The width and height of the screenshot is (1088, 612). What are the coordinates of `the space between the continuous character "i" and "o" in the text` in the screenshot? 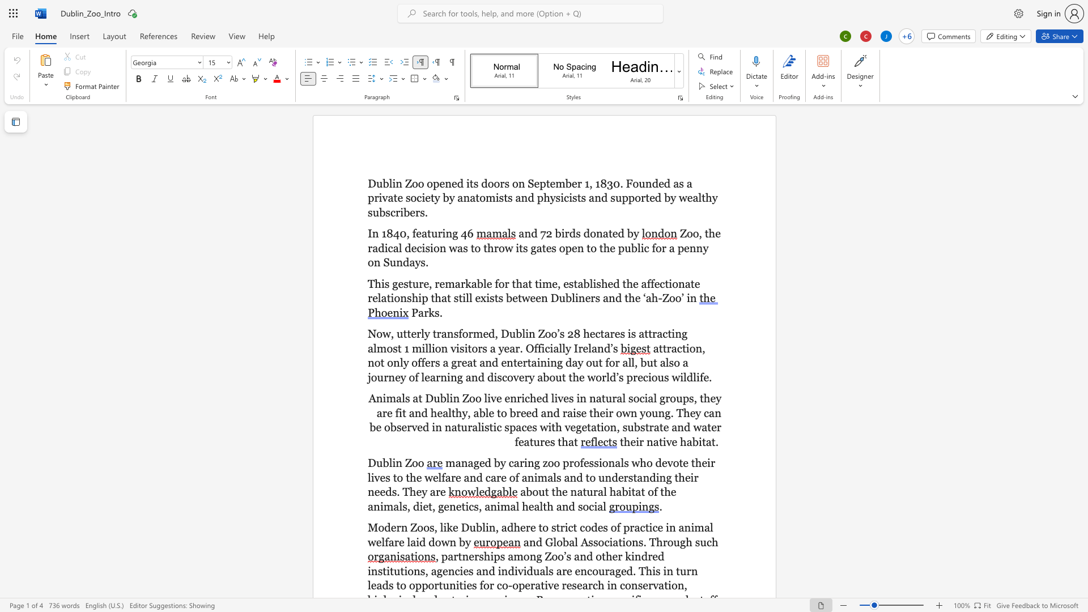 It's located at (626, 541).